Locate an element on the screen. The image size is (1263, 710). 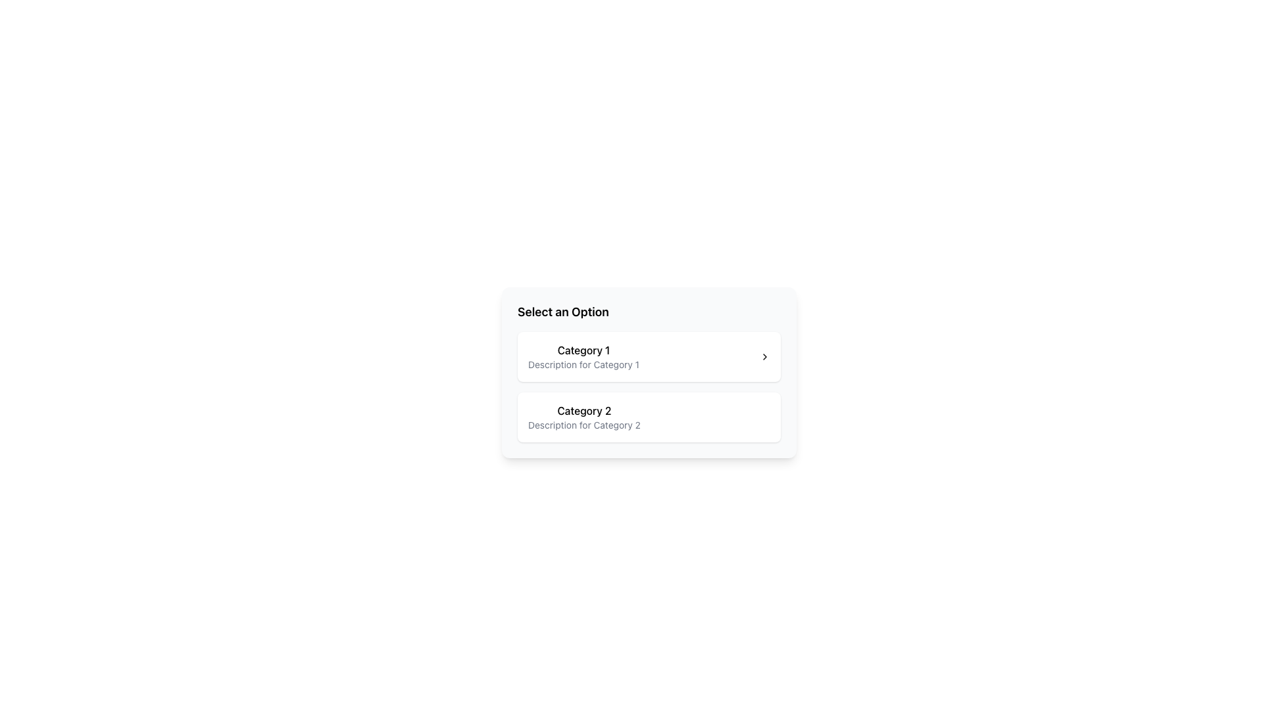
text element displaying 'Description for Category 2', which is styled in a smaller gray font and located directly below the heading 'Category 2' is located at coordinates (583, 425).